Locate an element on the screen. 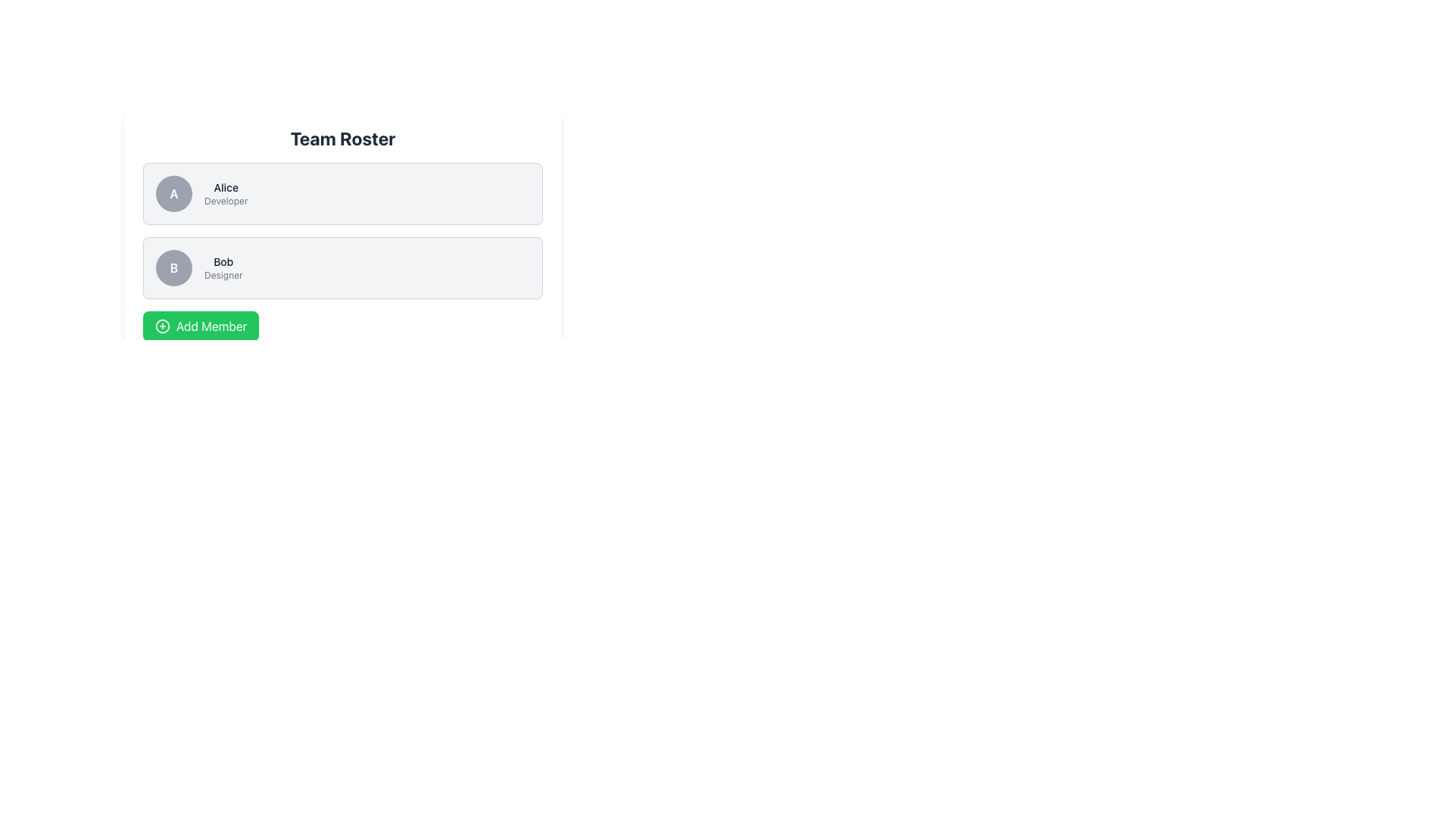 The image size is (1454, 818). the 'Add Member' icon, which is a graphical representation for adding or increasing members, located centrally near the bottom of the team member list is located at coordinates (163, 326).